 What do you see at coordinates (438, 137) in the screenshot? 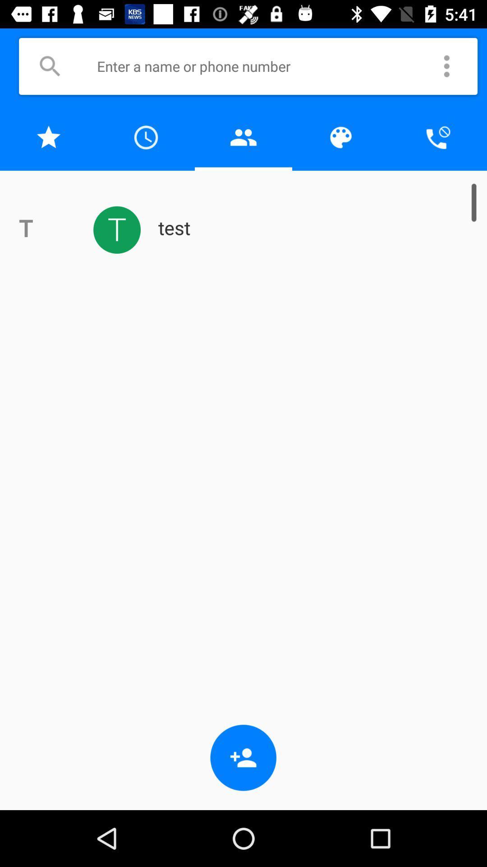
I see `the icon above test` at bounding box center [438, 137].